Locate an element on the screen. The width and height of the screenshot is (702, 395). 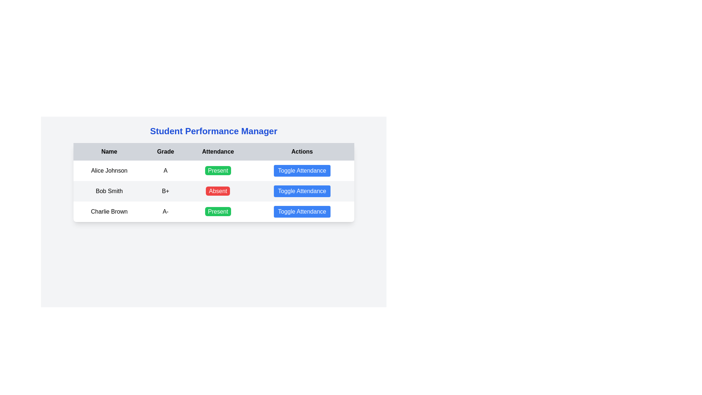
the text label displaying 'Alice Johnson', which is located in the first row and first column of the table layout, before the elements labeled 'A', 'Present', and 'Toggle Attendance' is located at coordinates (109, 170).